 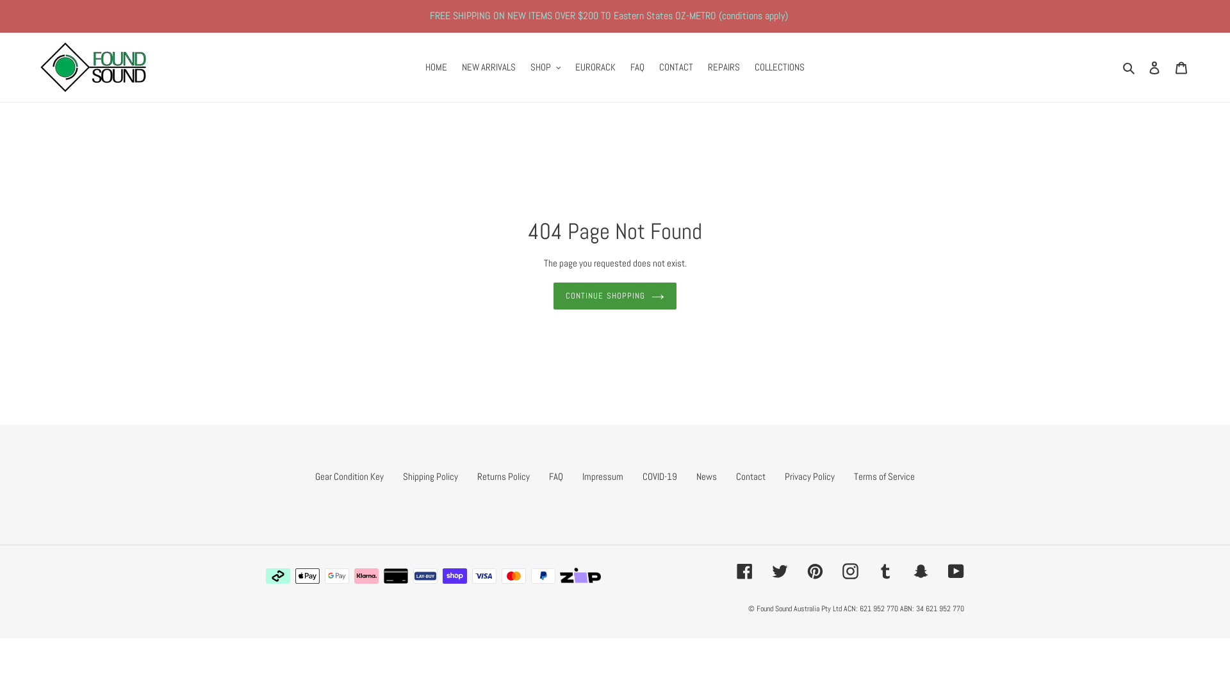 What do you see at coordinates (436, 67) in the screenshot?
I see `'HOME'` at bounding box center [436, 67].